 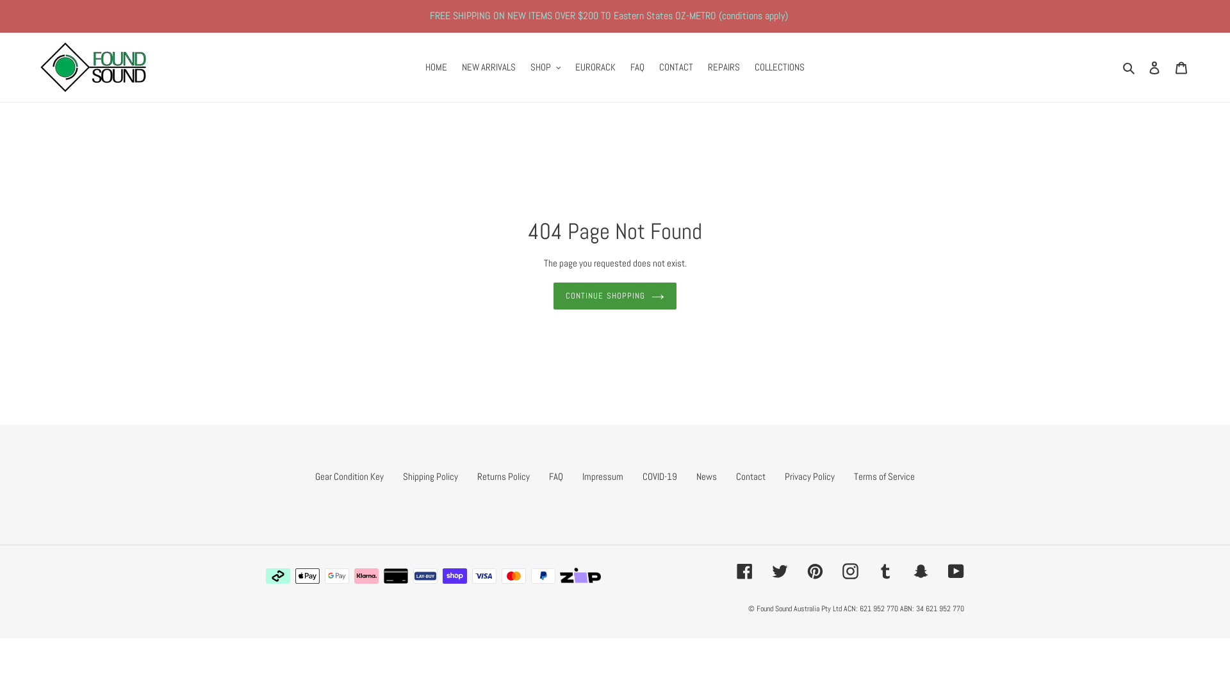 What do you see at coordinates (436, 67) in the screenshot?
I see `'HOME'` at bounding box center [436, 67].